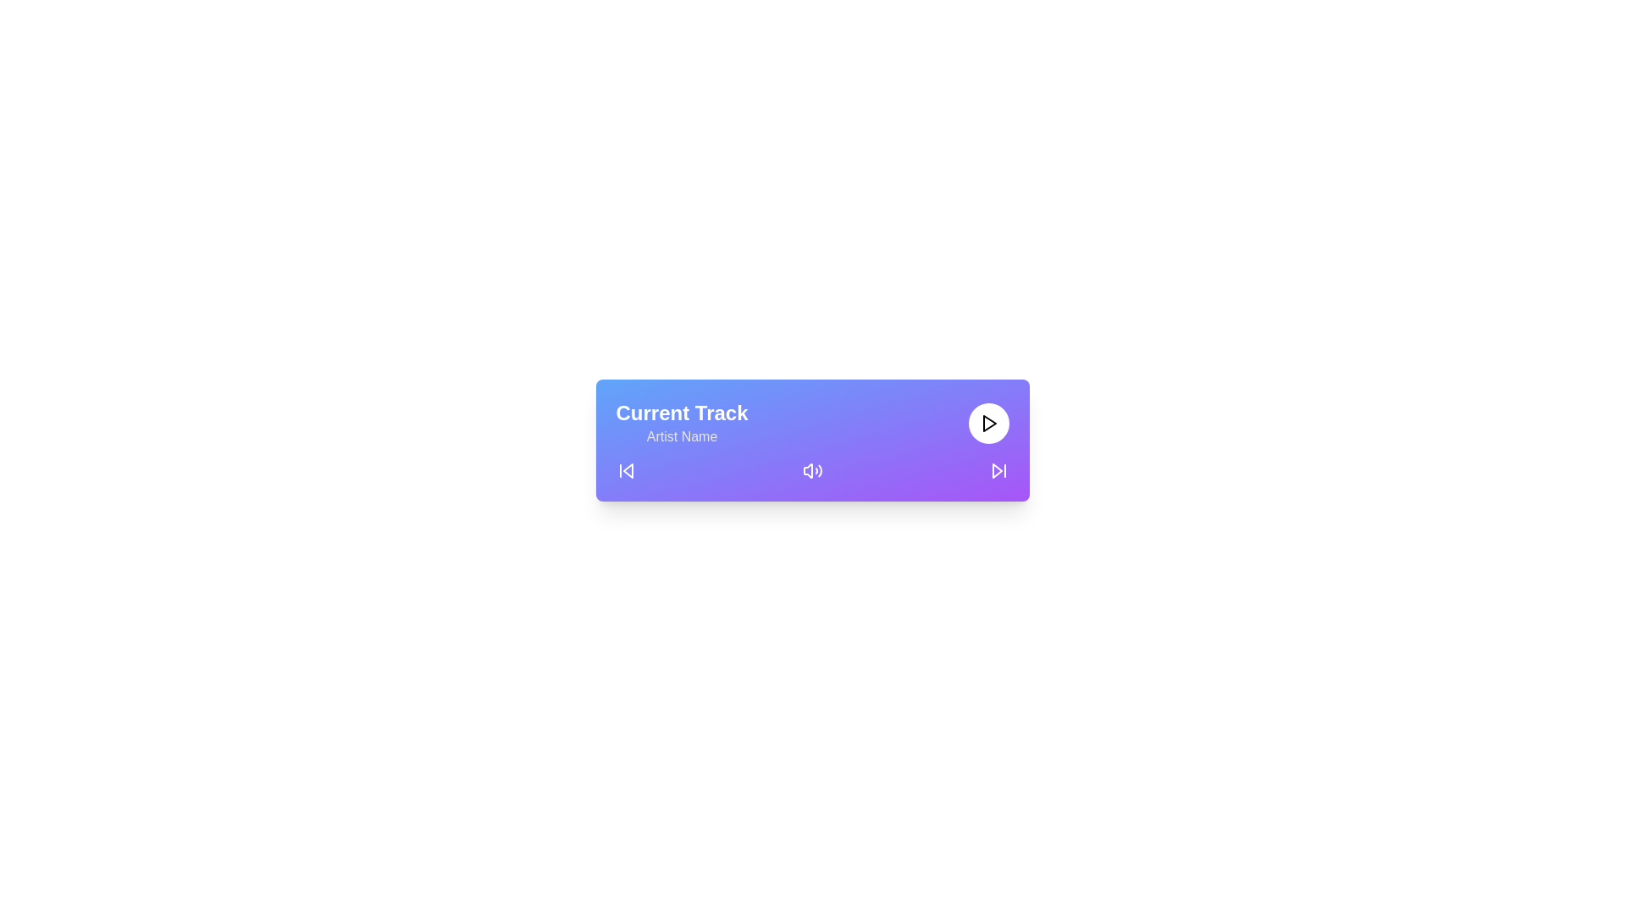  Describe the element at coordinates (988, 423) in the screenshot. I see `the circular play button with a white background and black triangle icon, located in the top-right corner of the music player interface, to navigate via keyboard` at that location.